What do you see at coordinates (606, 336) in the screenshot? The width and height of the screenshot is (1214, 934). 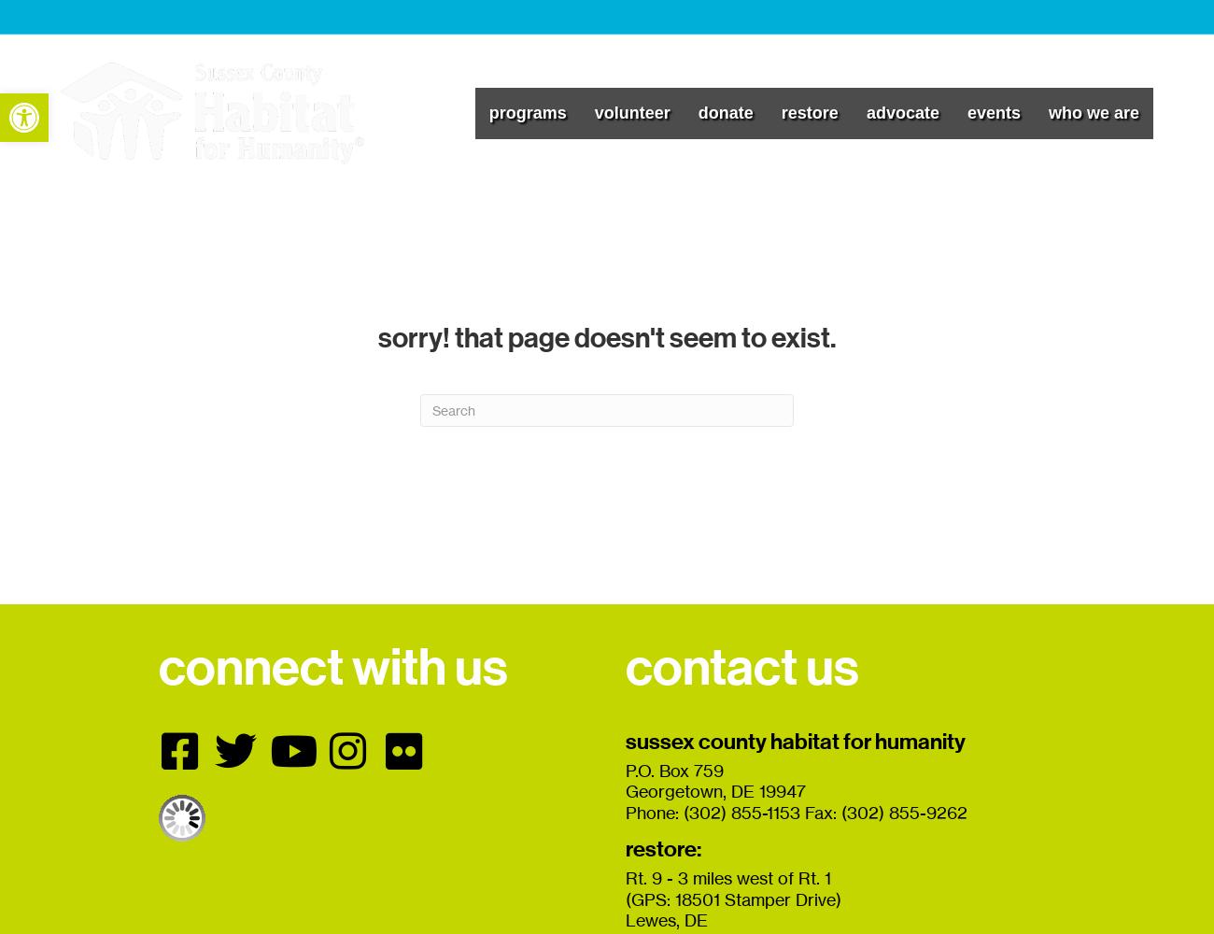 I see `'Sorry! That page doesn't seem to exist.'` at bounding box center [606, 336].